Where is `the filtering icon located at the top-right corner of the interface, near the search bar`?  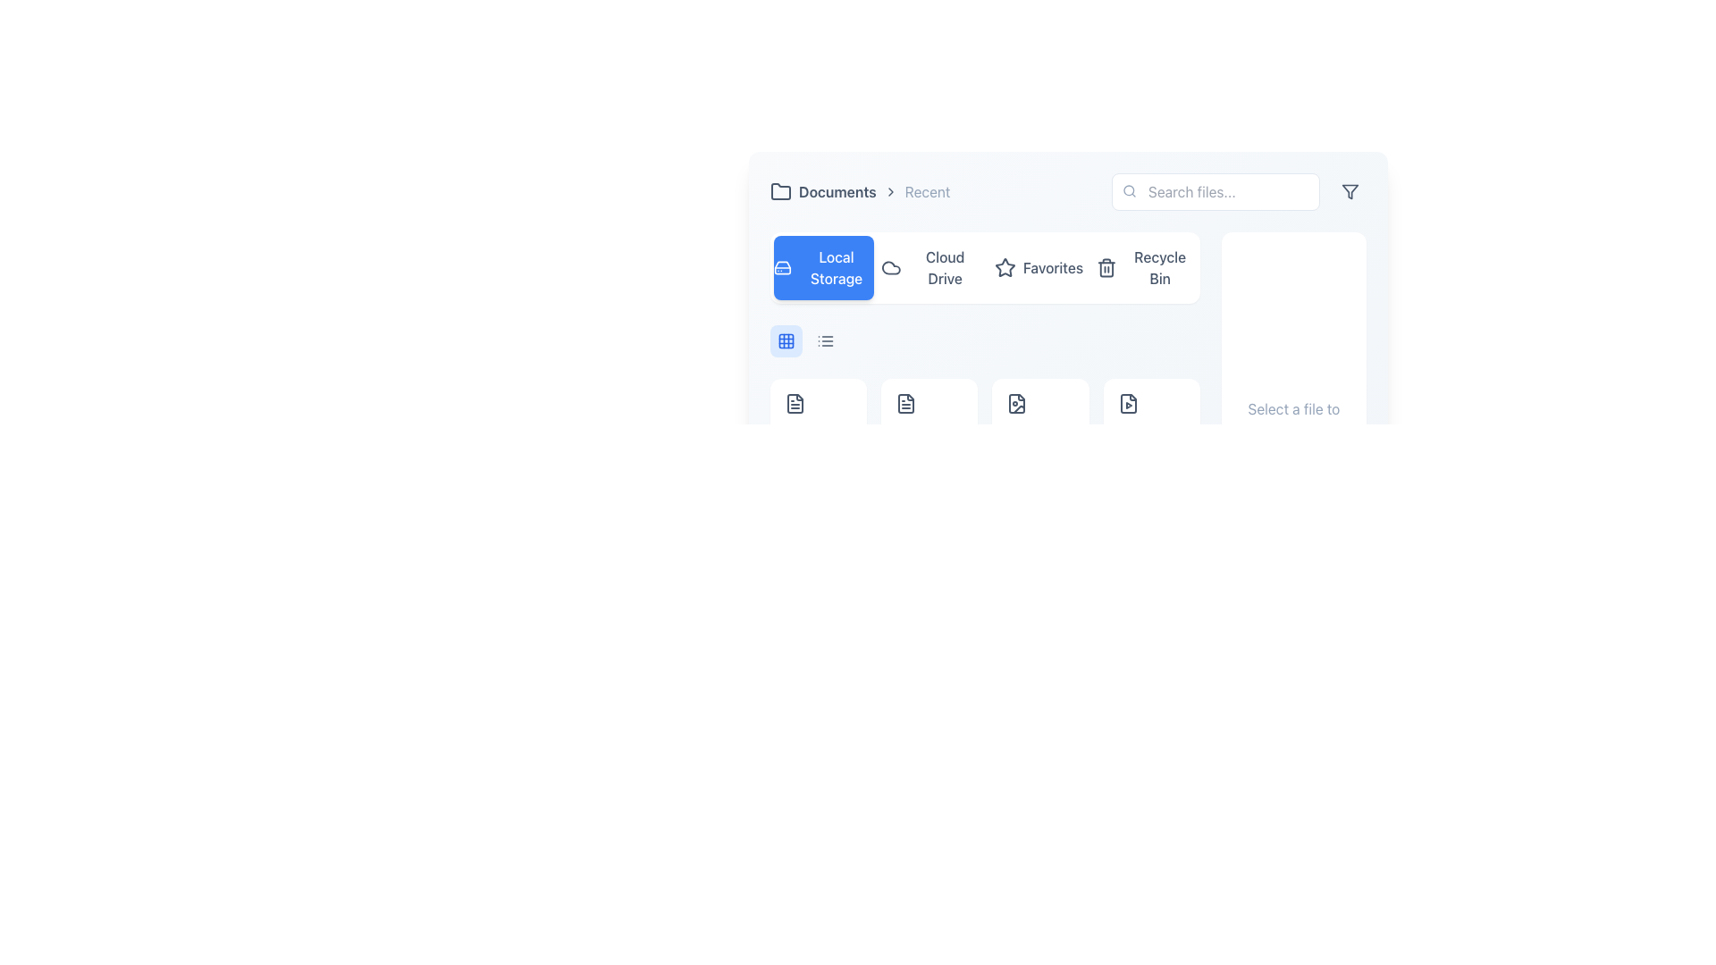 the filtering icon located at the top-right corner of the interface, near the search bar is located at coordinates (1350, 192).